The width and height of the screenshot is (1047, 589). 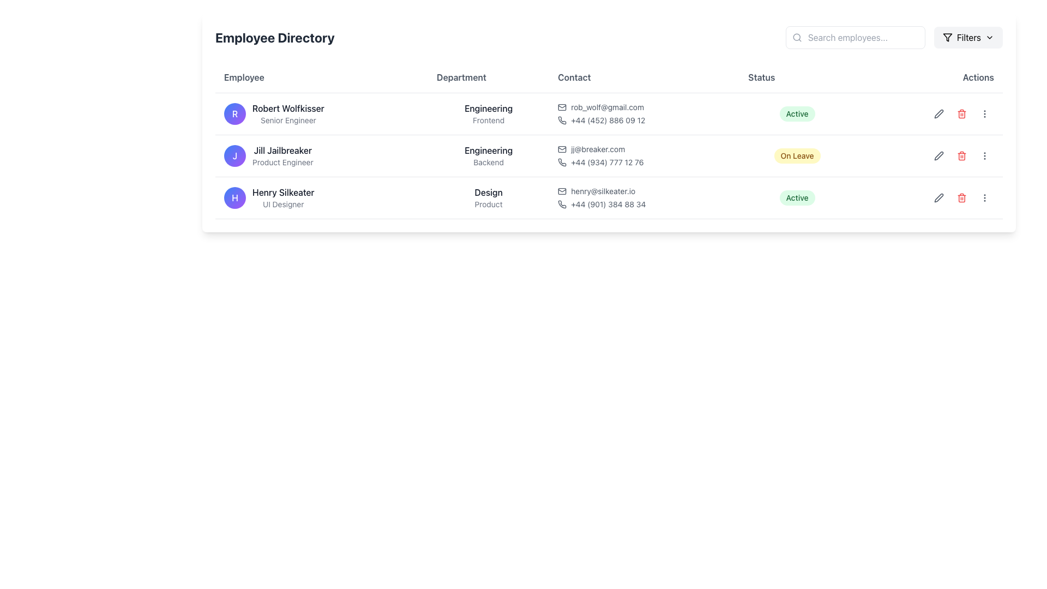 What do you see at coordinates (644, 155) in the screenshot?
I see `the phone number in the Contact Information Block for 'Jill Jailbreaker' to initiate a call` at bounding box center [644, 155].